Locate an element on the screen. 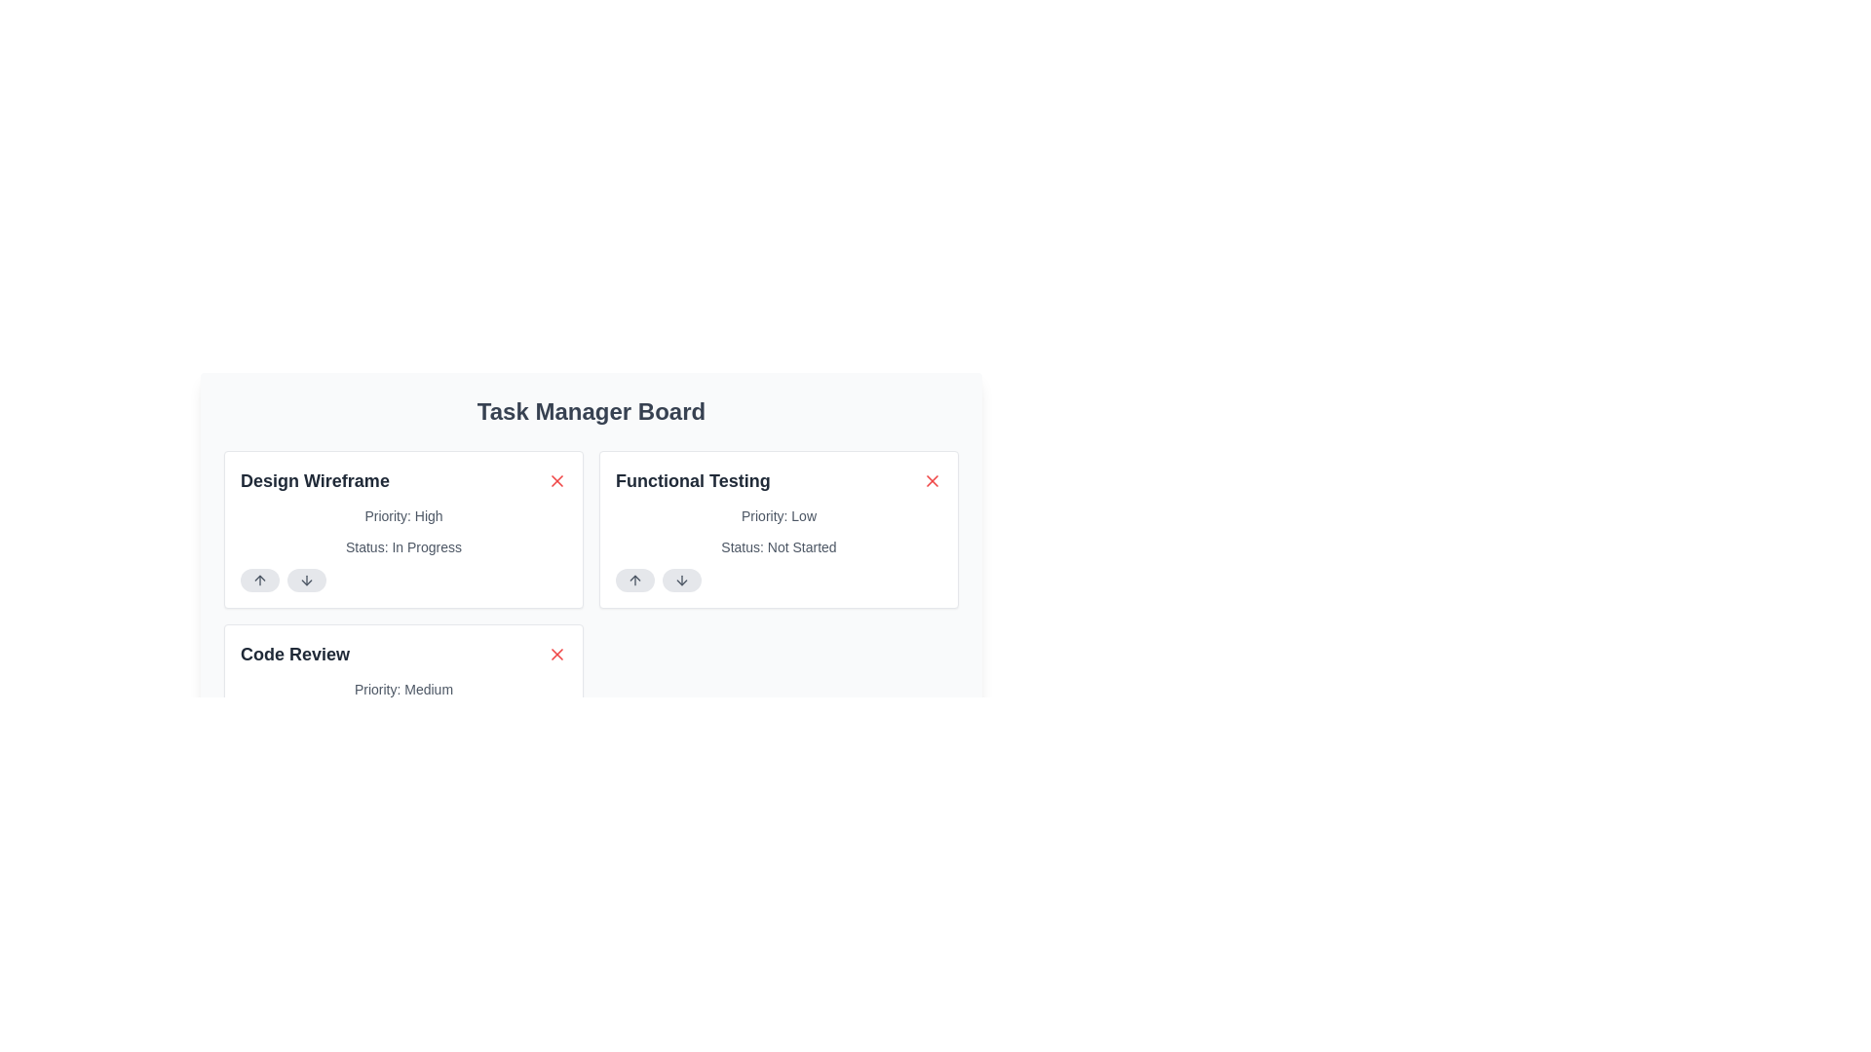  the text 'Functional Testing' in bold, dark gray font located at the top of the task card in the 'Task Manager Board' interface is located at coordinates (778, 480).